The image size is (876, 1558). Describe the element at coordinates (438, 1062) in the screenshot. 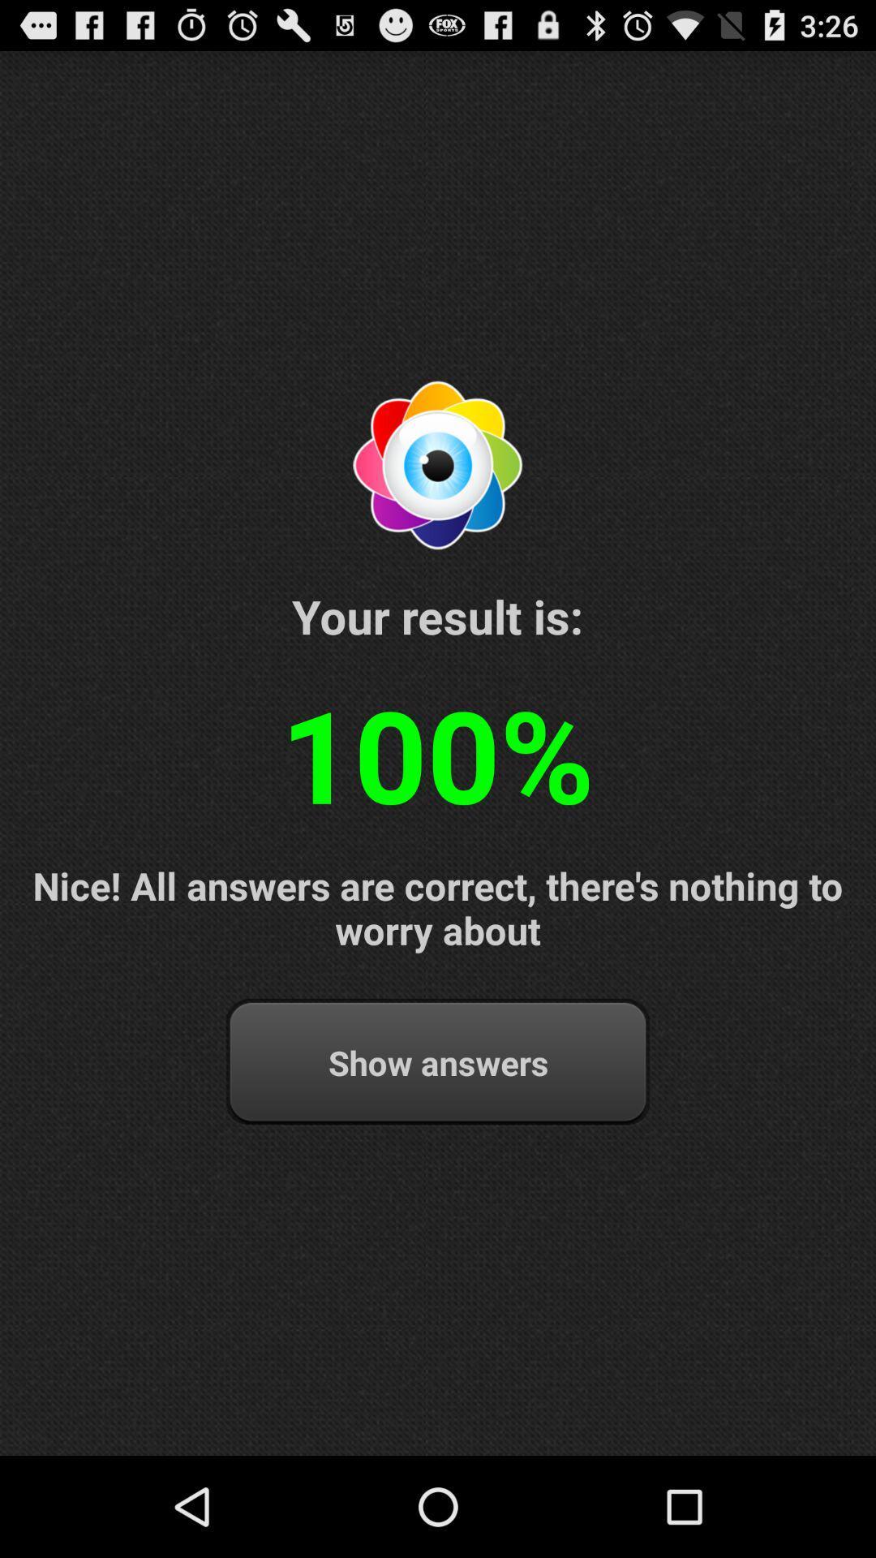

I see `the show answers at the bottom` at that location.